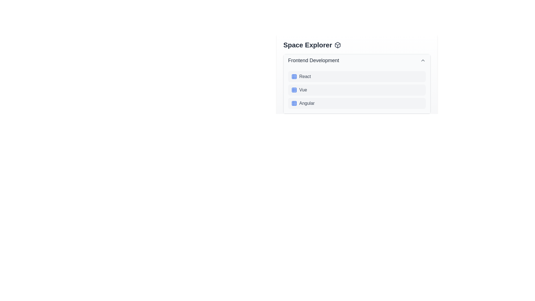 The image size is (535, 301). I want to click on the decorative or functional icon representing the 'Space Explorer' context, which is located on the right side of the 'Space Explorer' header, so click(337, 45).